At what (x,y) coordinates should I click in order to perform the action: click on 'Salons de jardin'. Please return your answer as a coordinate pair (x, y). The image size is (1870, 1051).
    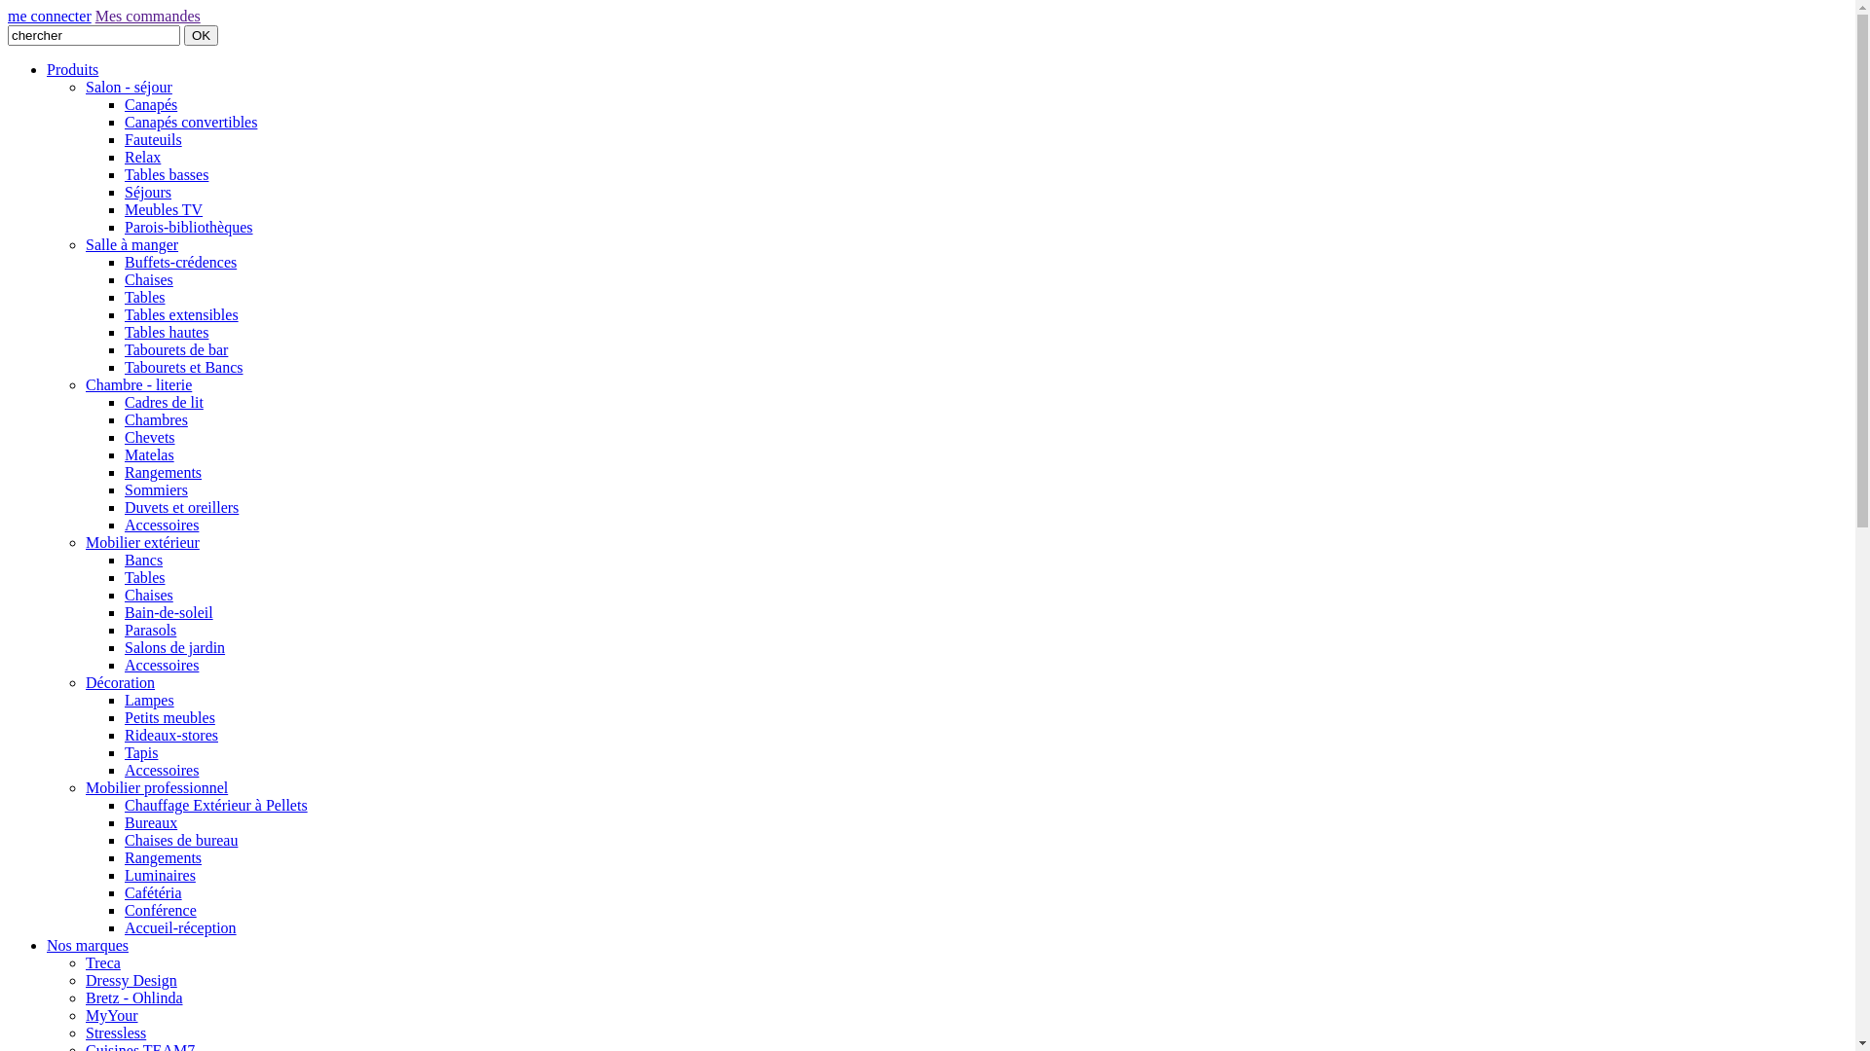
    Looking at the image, I should click on (174, 647).